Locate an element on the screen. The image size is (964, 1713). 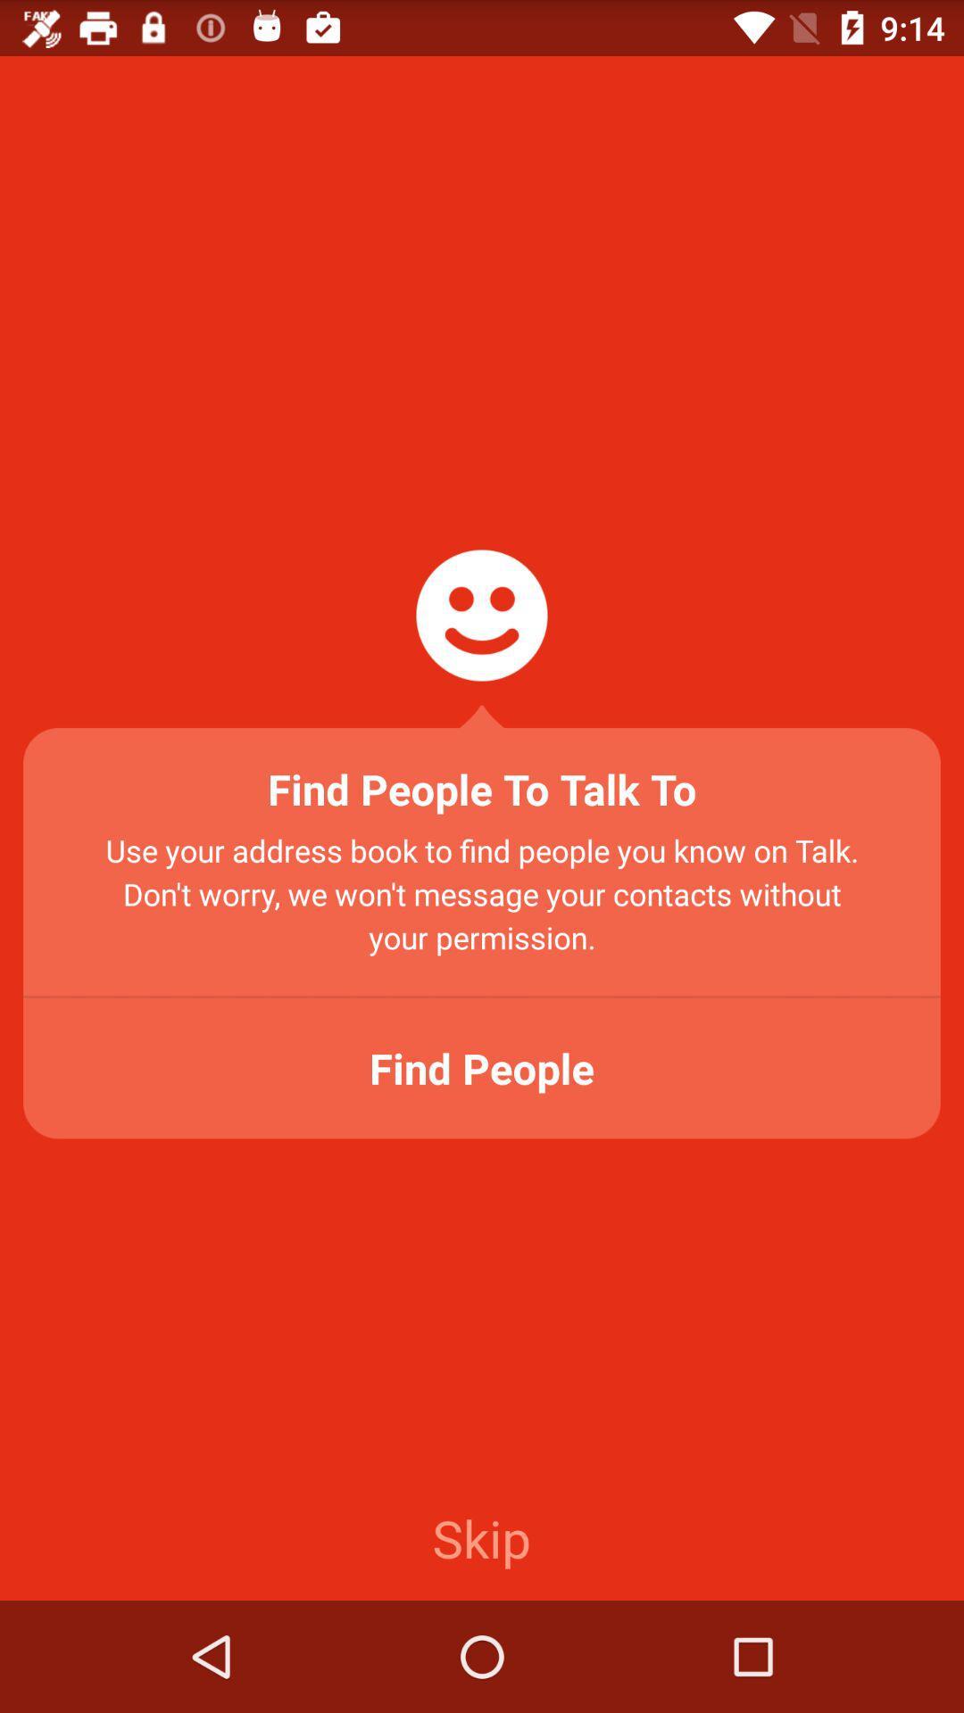
icon below the find people is located at coordinates (480, 1536).